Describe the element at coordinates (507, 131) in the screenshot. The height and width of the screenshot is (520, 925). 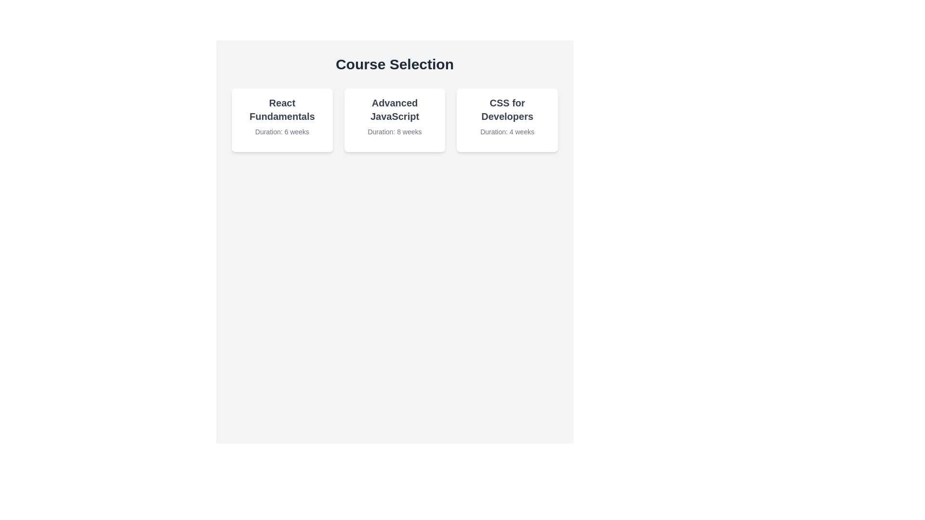
I see `duration information from the Text label indicating '4 weeks', located at the bottom of the course card for 'CSS for Developers'` at that location.